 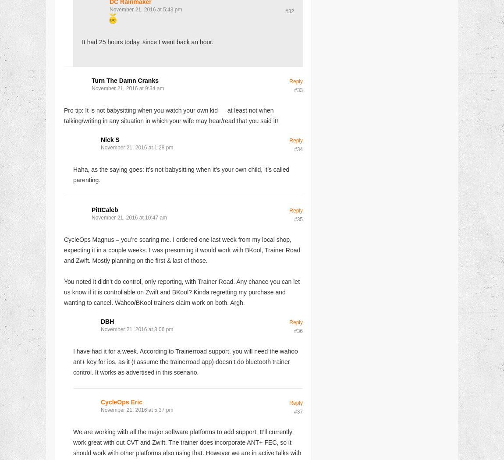 I want to click on 'You noted it didn’t do control, only reporting, with Trainer Road.  Any chance you can let us know if it is controllable on Zwift and BKool?  Kinda regretting my purchase and wanting to cancel.  Wahoo/BKool trainers claim work on both.  Argh.', so click(x=182, y=291).